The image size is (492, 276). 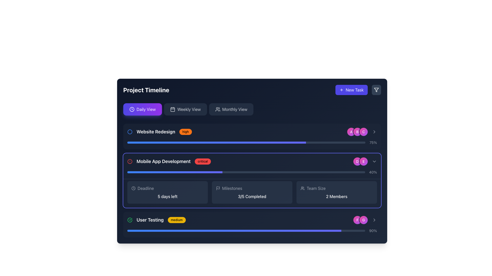 What do you see at coordinates (290, 231) in the screenshot?
I see `the progress value` at bounding box center [290, 231].